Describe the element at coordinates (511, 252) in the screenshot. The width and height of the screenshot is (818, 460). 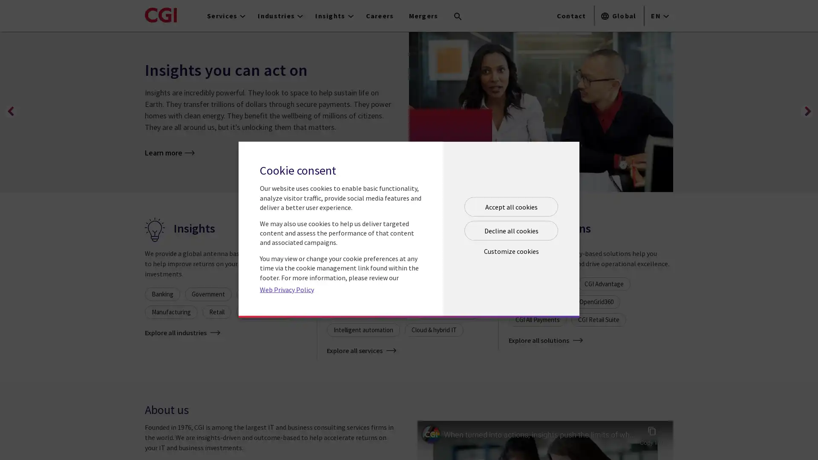
I see `Open customize cookie panel` at that location.